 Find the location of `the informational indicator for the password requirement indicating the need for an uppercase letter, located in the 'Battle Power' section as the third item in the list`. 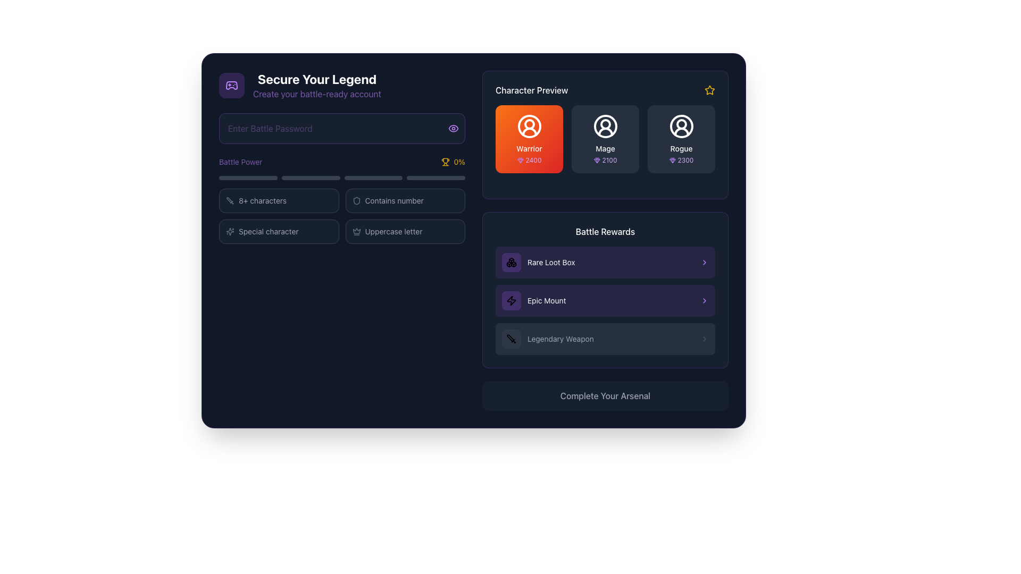

the informational indicator for the password requirement indicating the need for an uppercase letter, located in the 'Battle Power' section as the third item in the list is located at coordinates (405, 231).